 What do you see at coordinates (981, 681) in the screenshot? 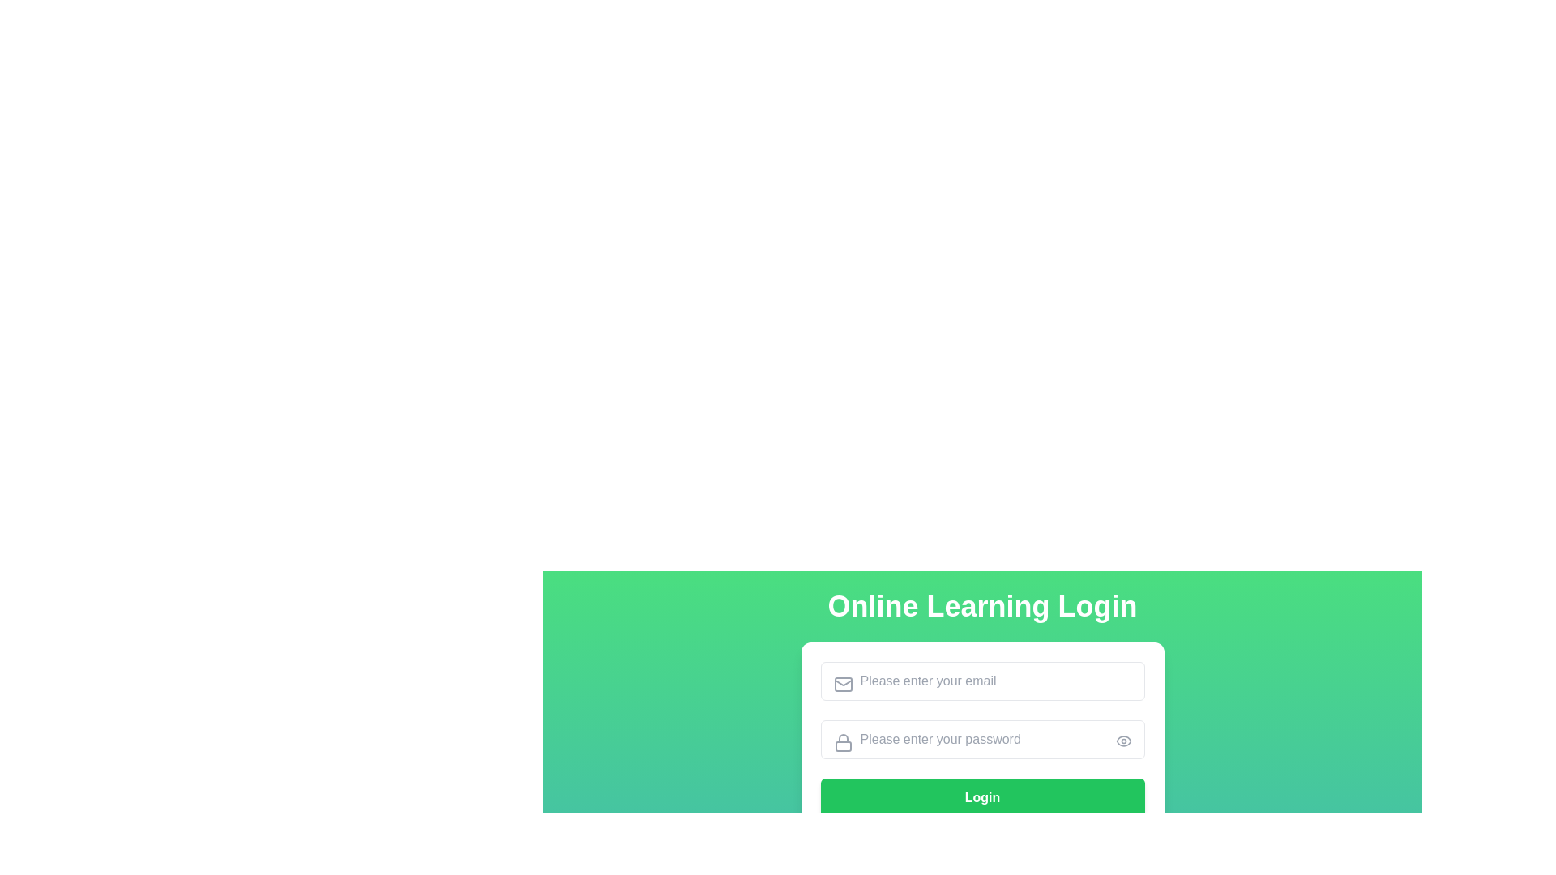
I see `the email input field located beneath the 'Online Learning Login' heading to focus on it for entering an email address` at bounding box center [981, 681].